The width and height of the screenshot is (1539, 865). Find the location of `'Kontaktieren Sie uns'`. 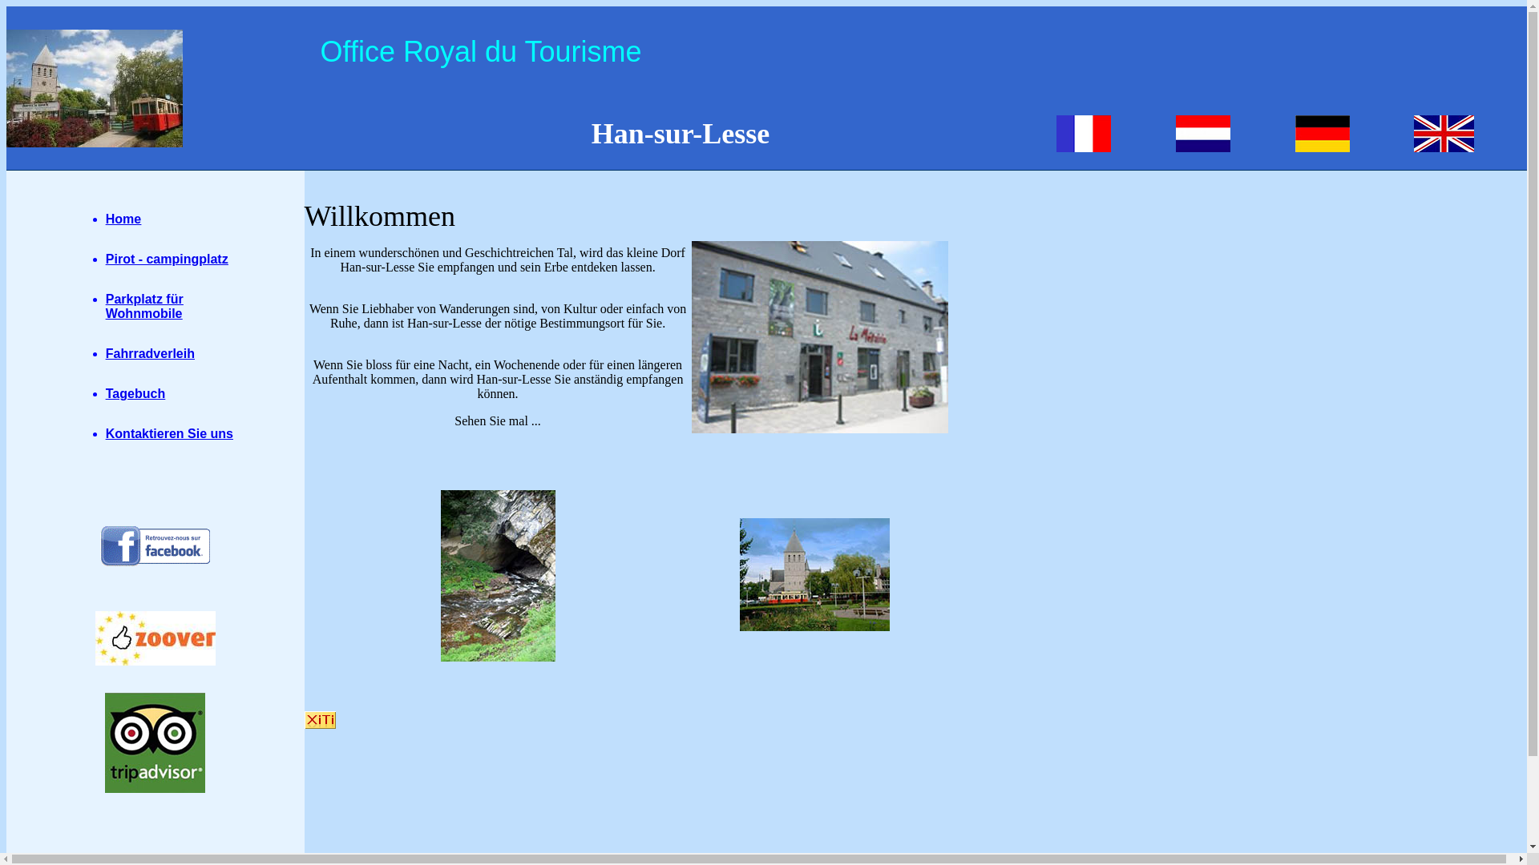

'Kontaktieren Sie uns' is located at coordinates (169, 433).